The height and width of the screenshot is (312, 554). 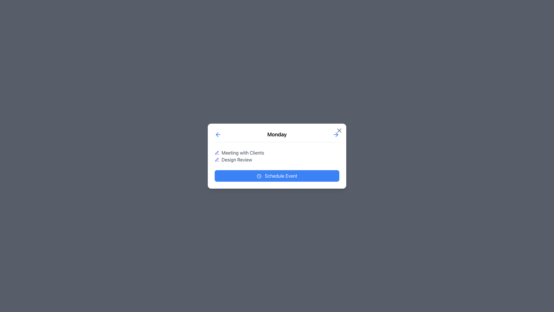 I want to click on the 'Schedule Event' button, which contains a circular clock icon on its left side, to initiate the scheduling action, so click(x=259, y=176).